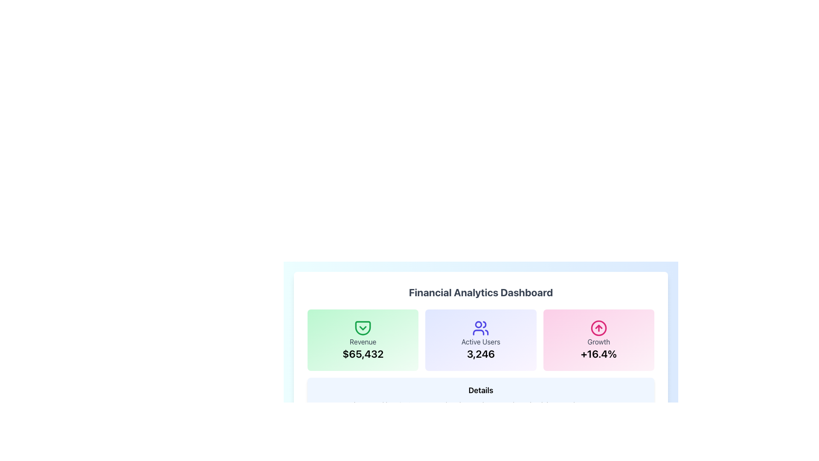 This screenshot has width=819, height=461. I want to click on header text that introduces the content about revenue and user engagement, located in the light blue rectangular section at the bottom of the interface, so click(481, 390).